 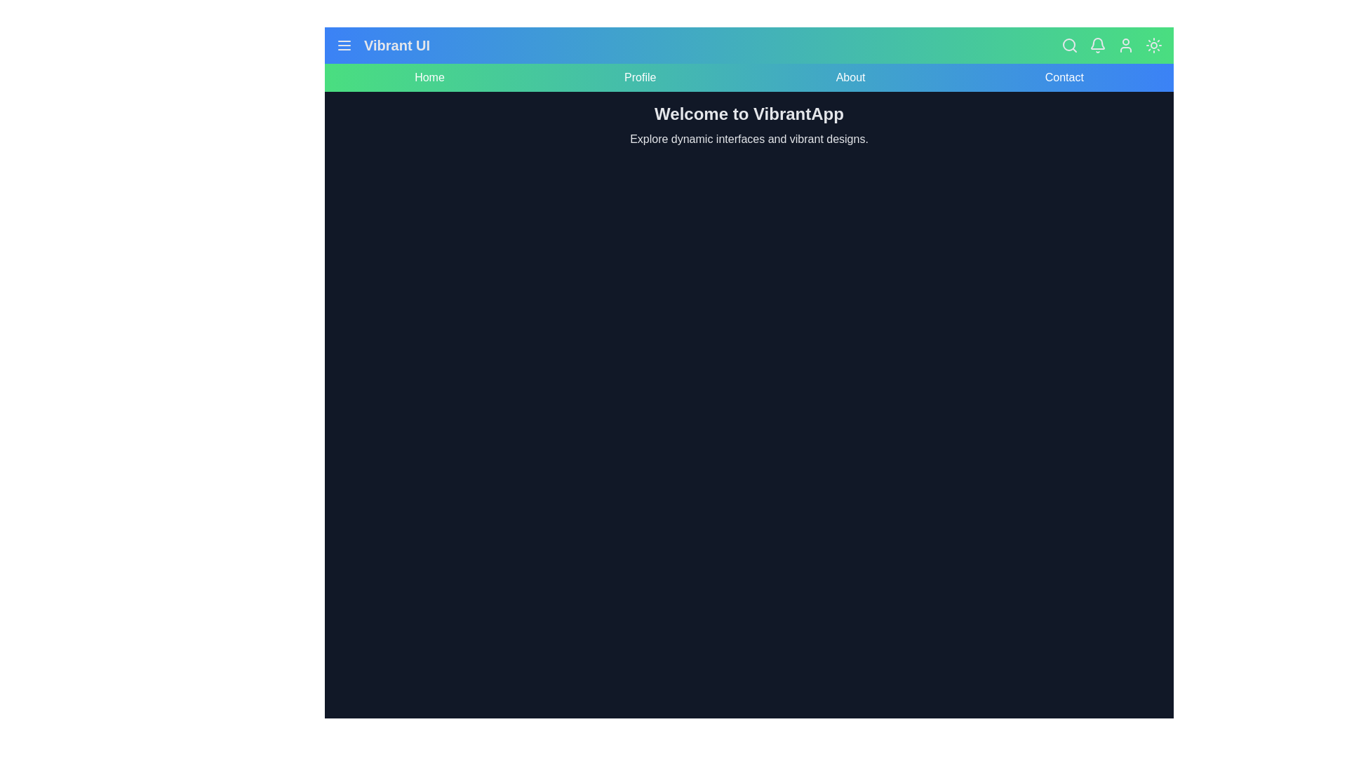 I want to click on the Profile navigation link, so click(x=639, y=78).